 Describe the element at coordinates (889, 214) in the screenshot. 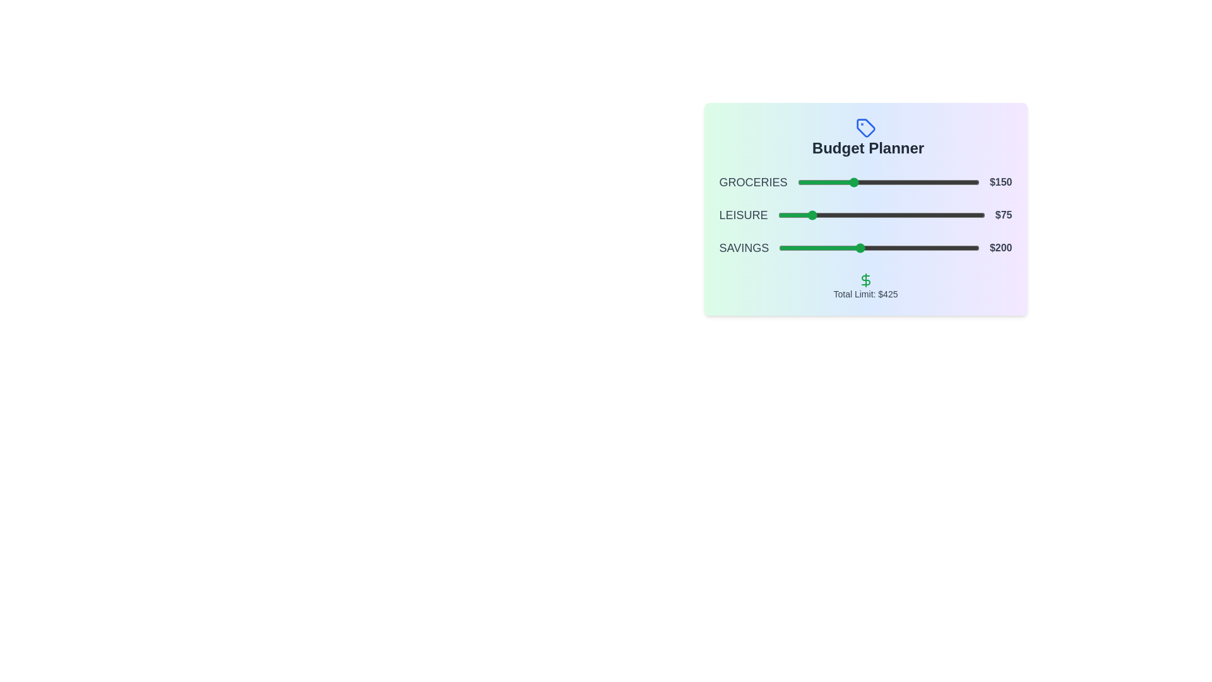

I see `the slider for 1 to 254` at that location.